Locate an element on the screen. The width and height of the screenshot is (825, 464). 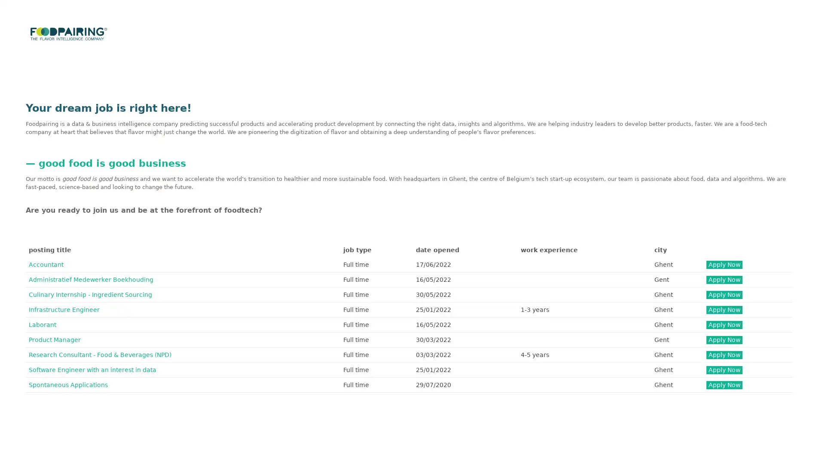
Apply Now is located at coordinates (723, 324).